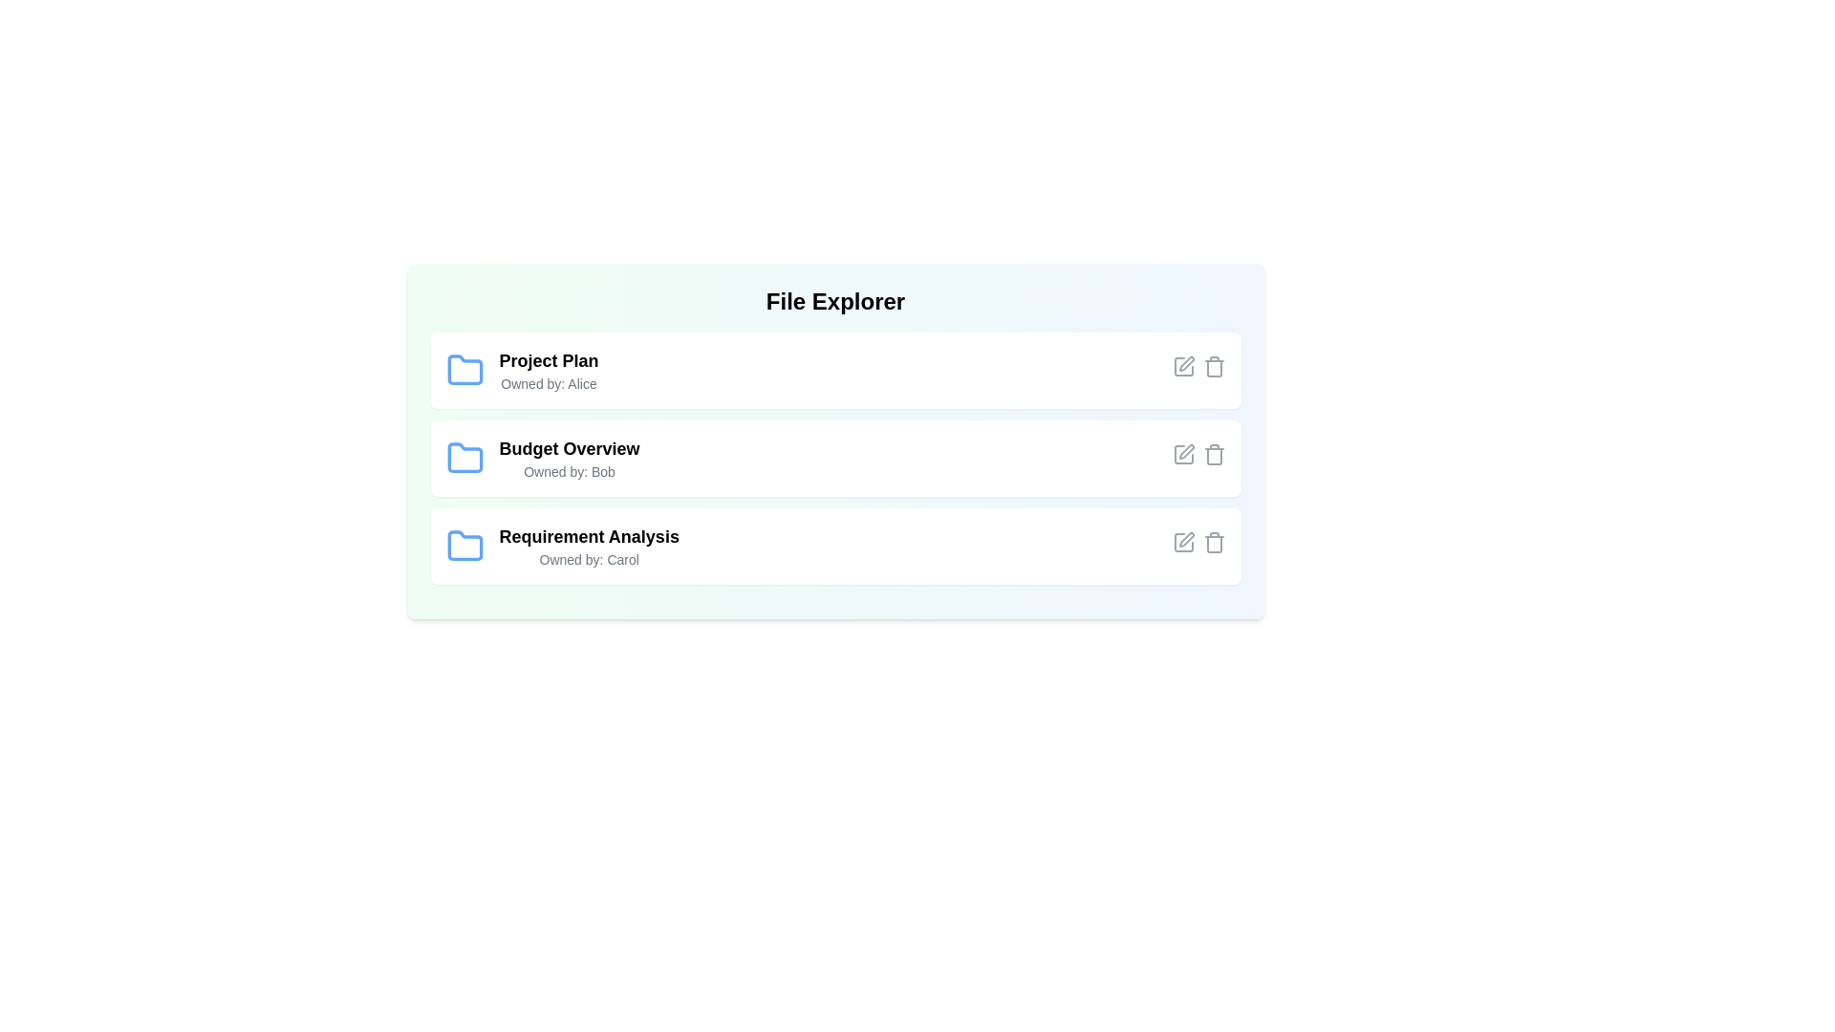 This screenshot has width=1835, height=1032. What do you see at coordinates (1213, 367) in the screenshot?
I see `the delete icon for the file named Project Plan` at bounding box center [1213, 367].